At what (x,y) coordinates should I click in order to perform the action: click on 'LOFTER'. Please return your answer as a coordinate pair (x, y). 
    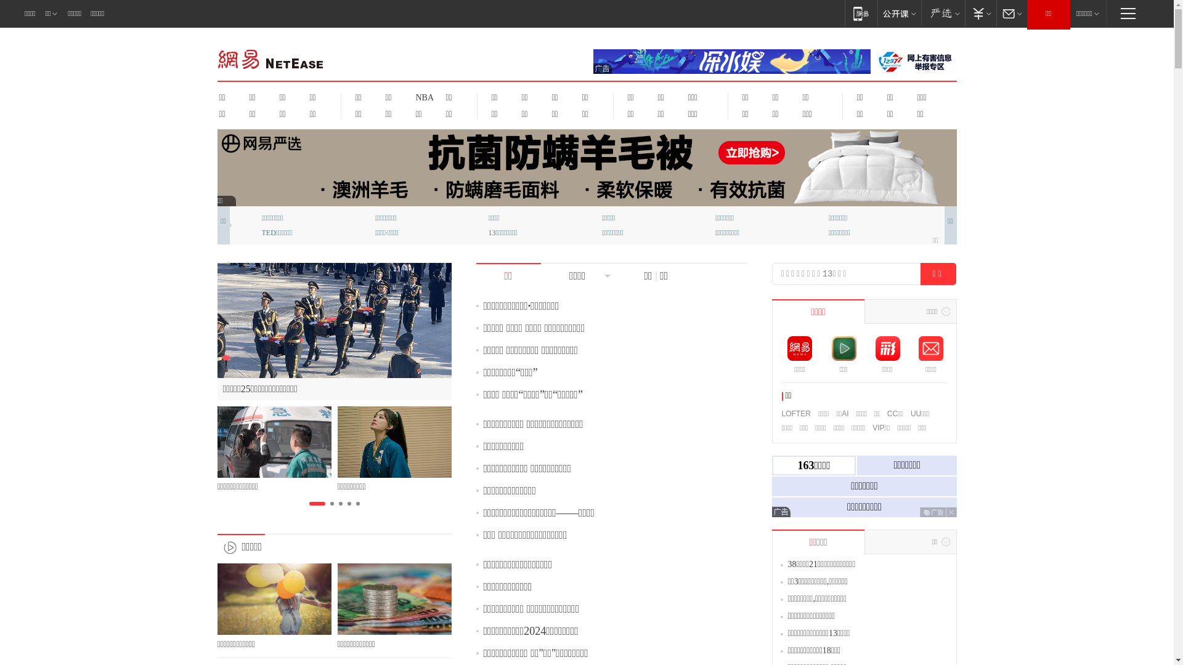
    Looking at the image, I should click on (795, 413).